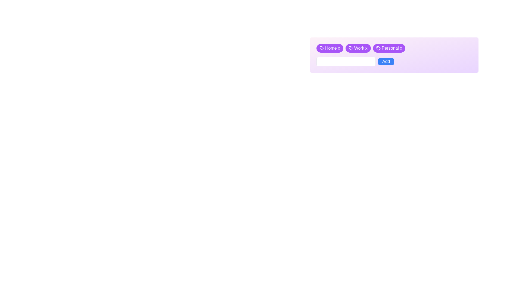 This screenshot has height=293, width=522. I want to click on the text label 'Work' which is styled in white text on a purple background, located within the second tag from the left at the top of the UI, so click(359, 48).